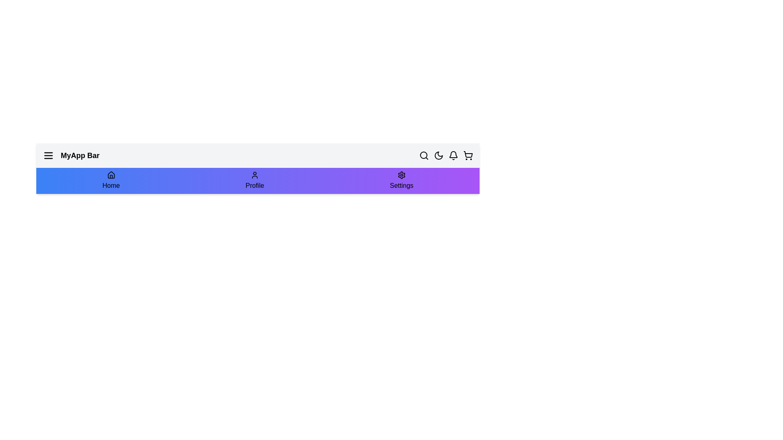 This screenshot has height=440, width=783. What do you see at coordinates (468, 155) in the screenshot?
I see `the shopping cart icon to open the shopping cart` at bounding box center [468, 155].